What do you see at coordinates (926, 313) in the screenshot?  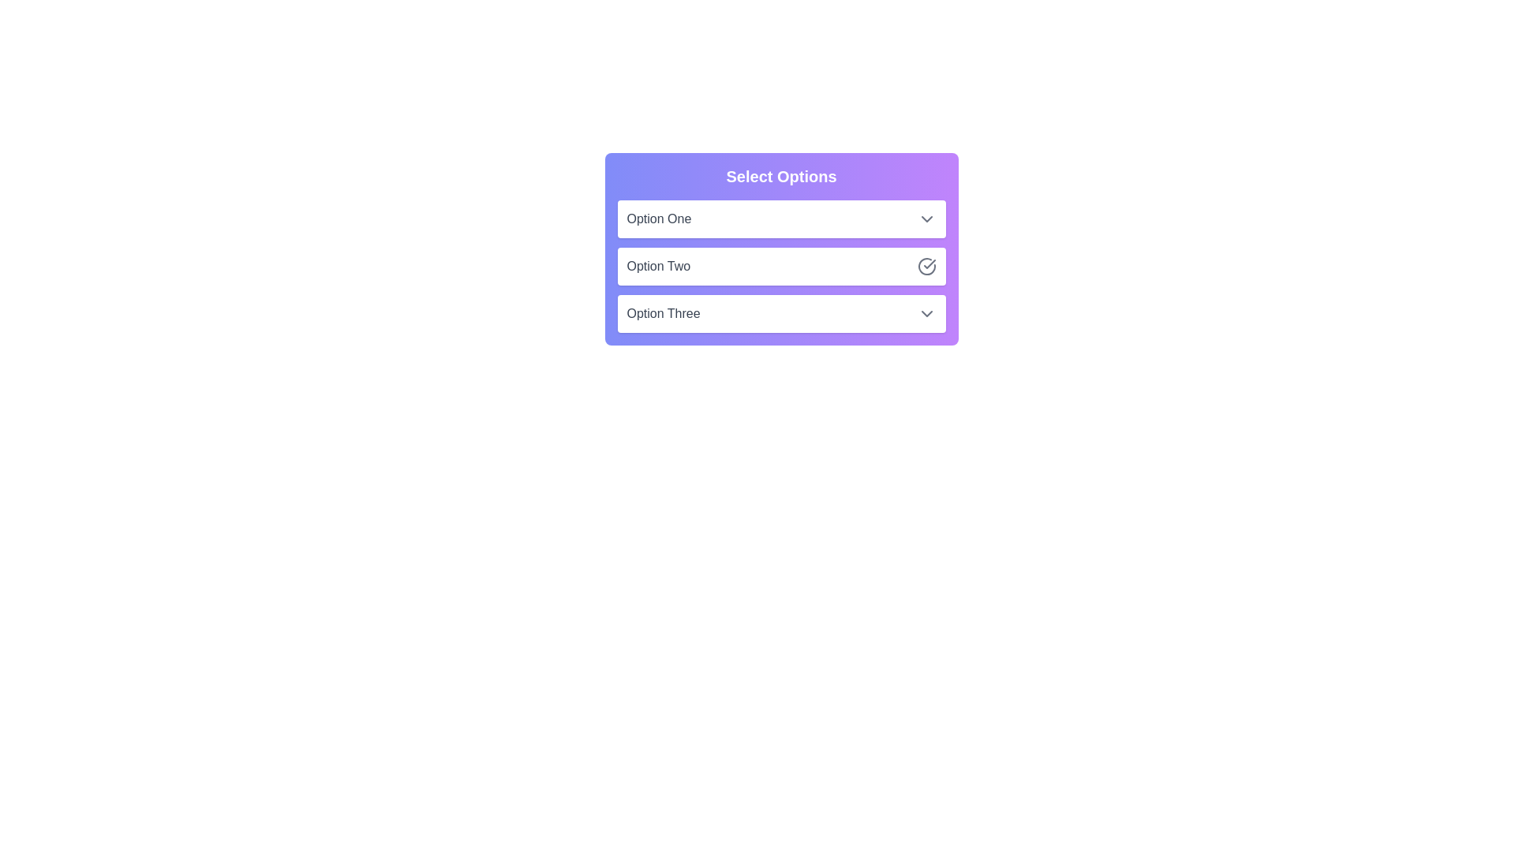 I see `toggle button for Option Three to toggle its selection state` at bounding box center [926, 313].